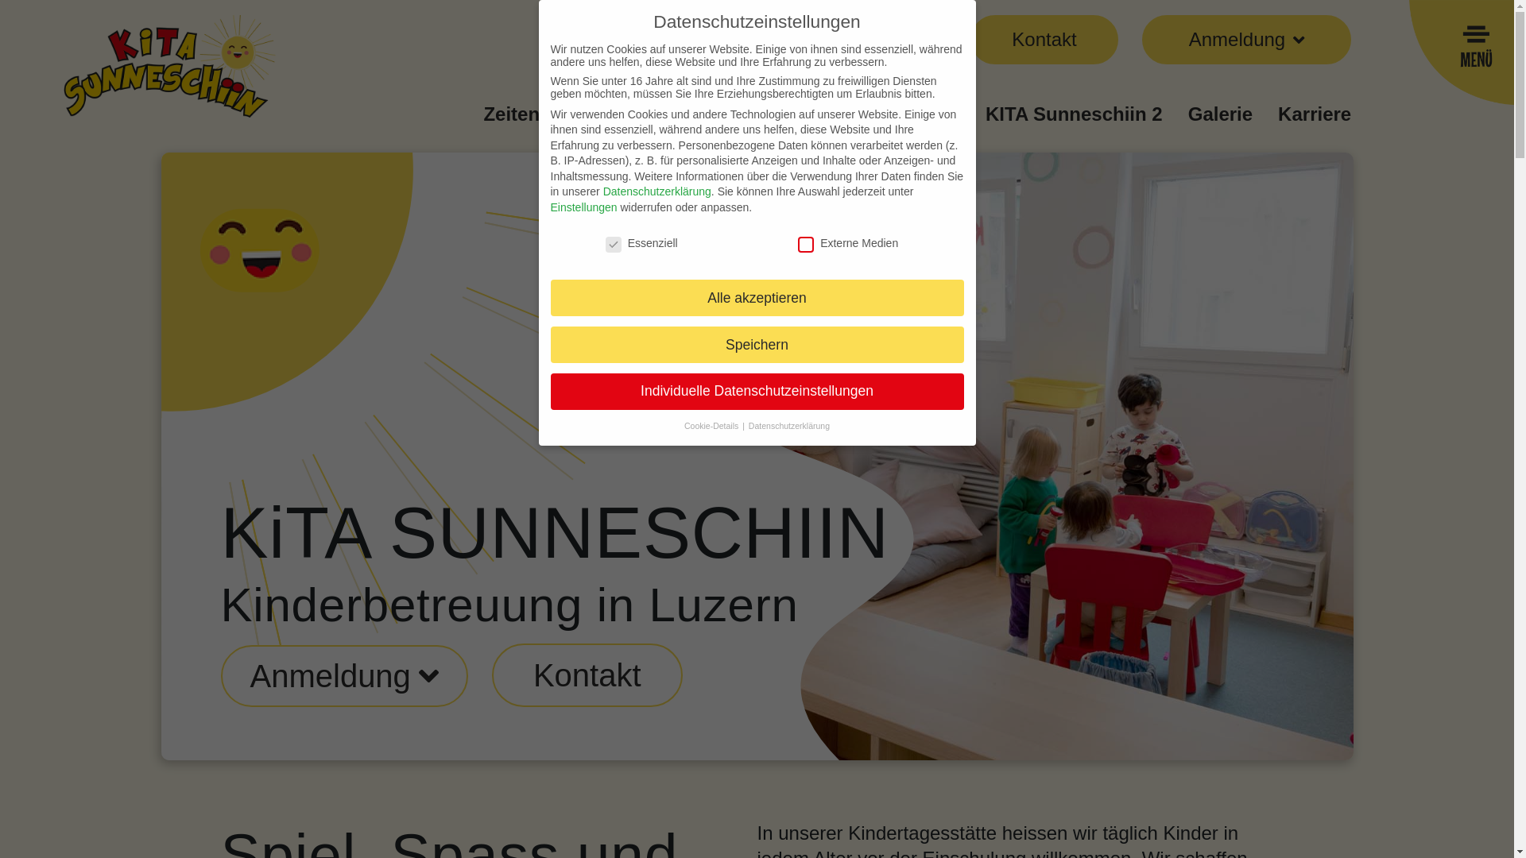 The image size is (1526, 858). What do you see at coordinates (549, 207) in the screenshot?
I see `'Einstellungen'` at bounding box center [549, 207].